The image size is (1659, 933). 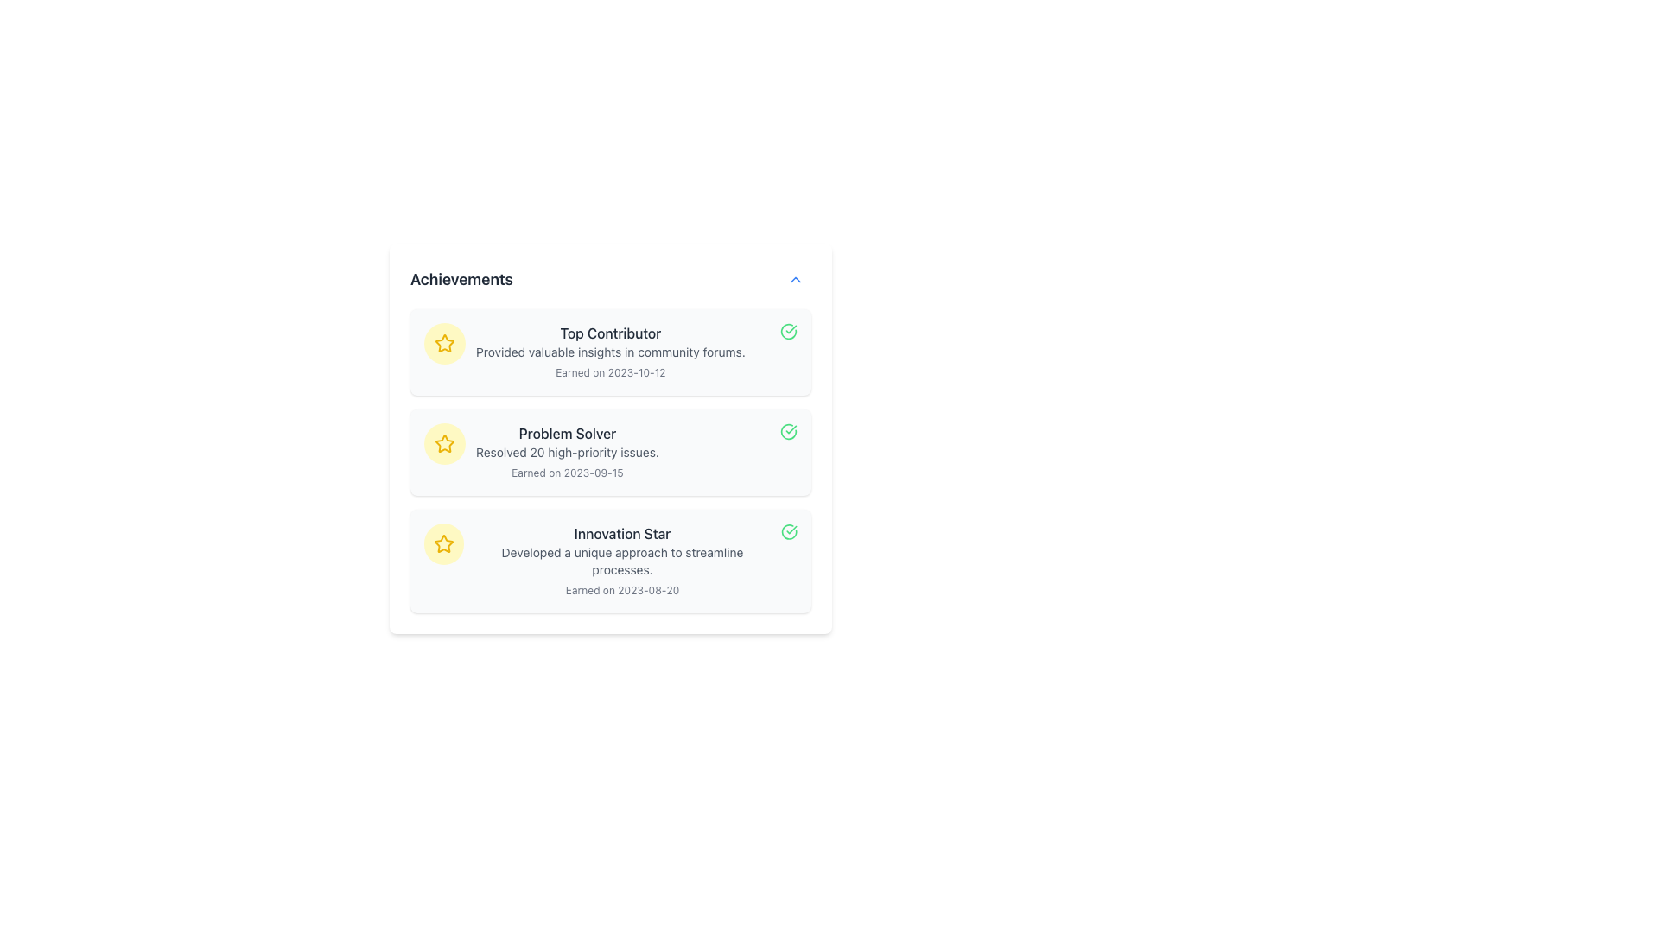 I want to click on the text label that reads 'Earned on 2023-08-20', which is styled in a small gray font and located in the bottom-right area of the information card, so click(x=622, y=589).